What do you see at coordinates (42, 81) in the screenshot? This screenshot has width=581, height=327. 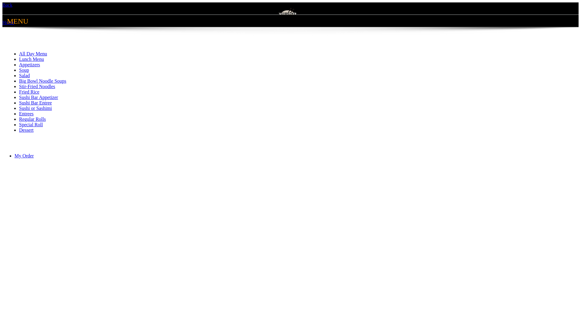 I see `'Big Bowl Noodle Soups'` at bounding box center [42, 81].